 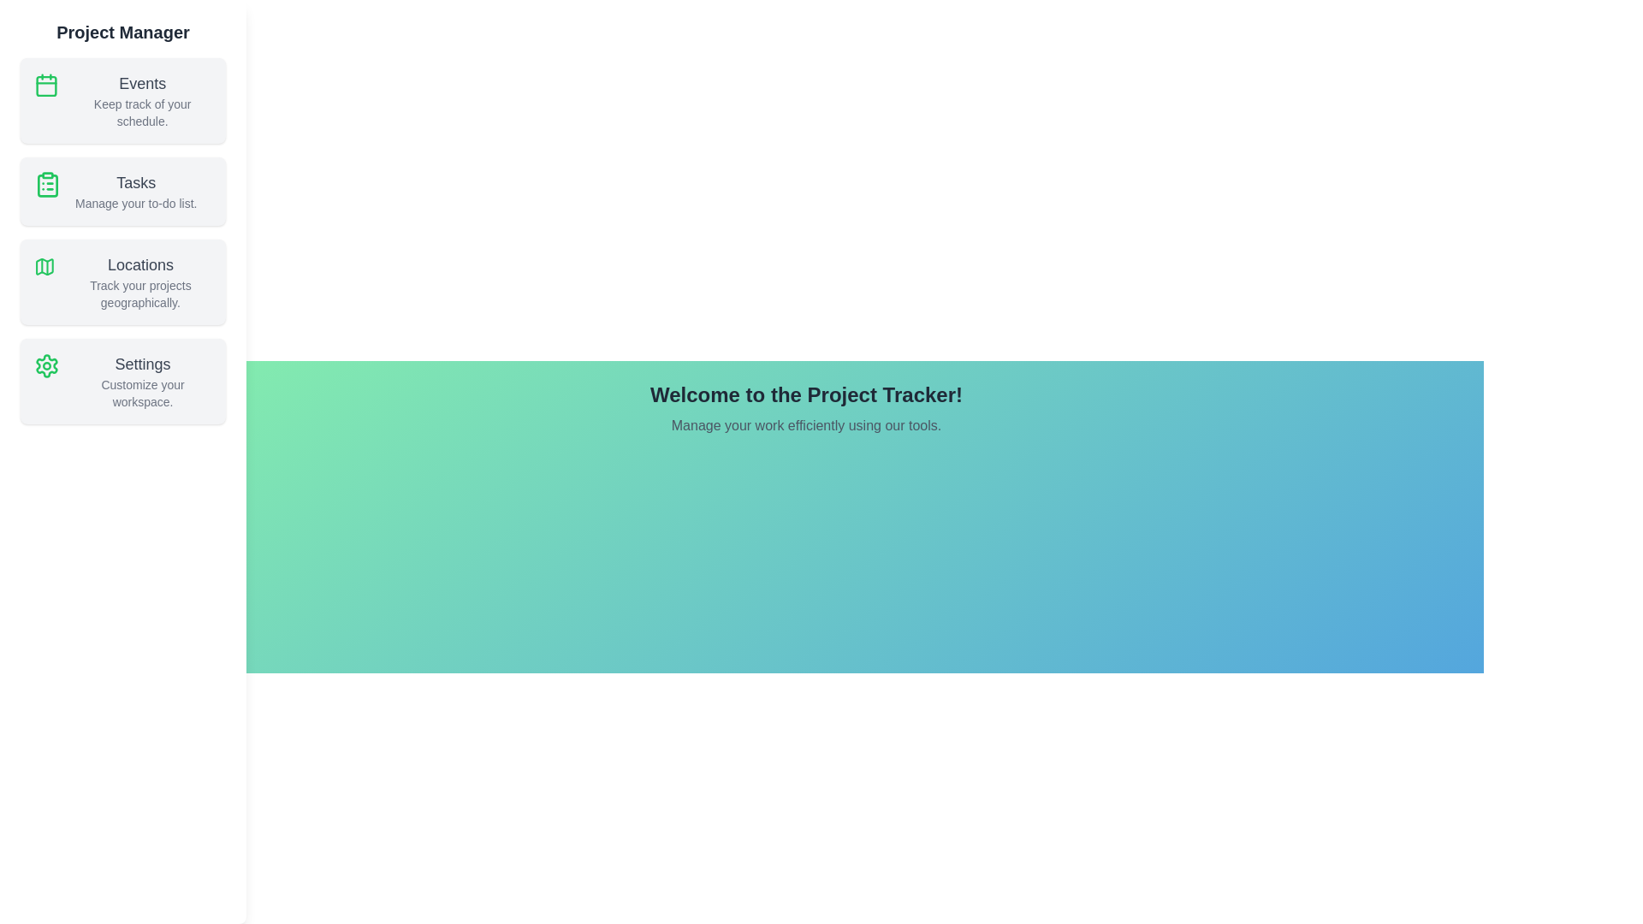 What do you see at coordinates (122, 381) in the screenshot?
I see `the sidebar section corresponding to Settings to preview its description` at bounding box center [122, 381].